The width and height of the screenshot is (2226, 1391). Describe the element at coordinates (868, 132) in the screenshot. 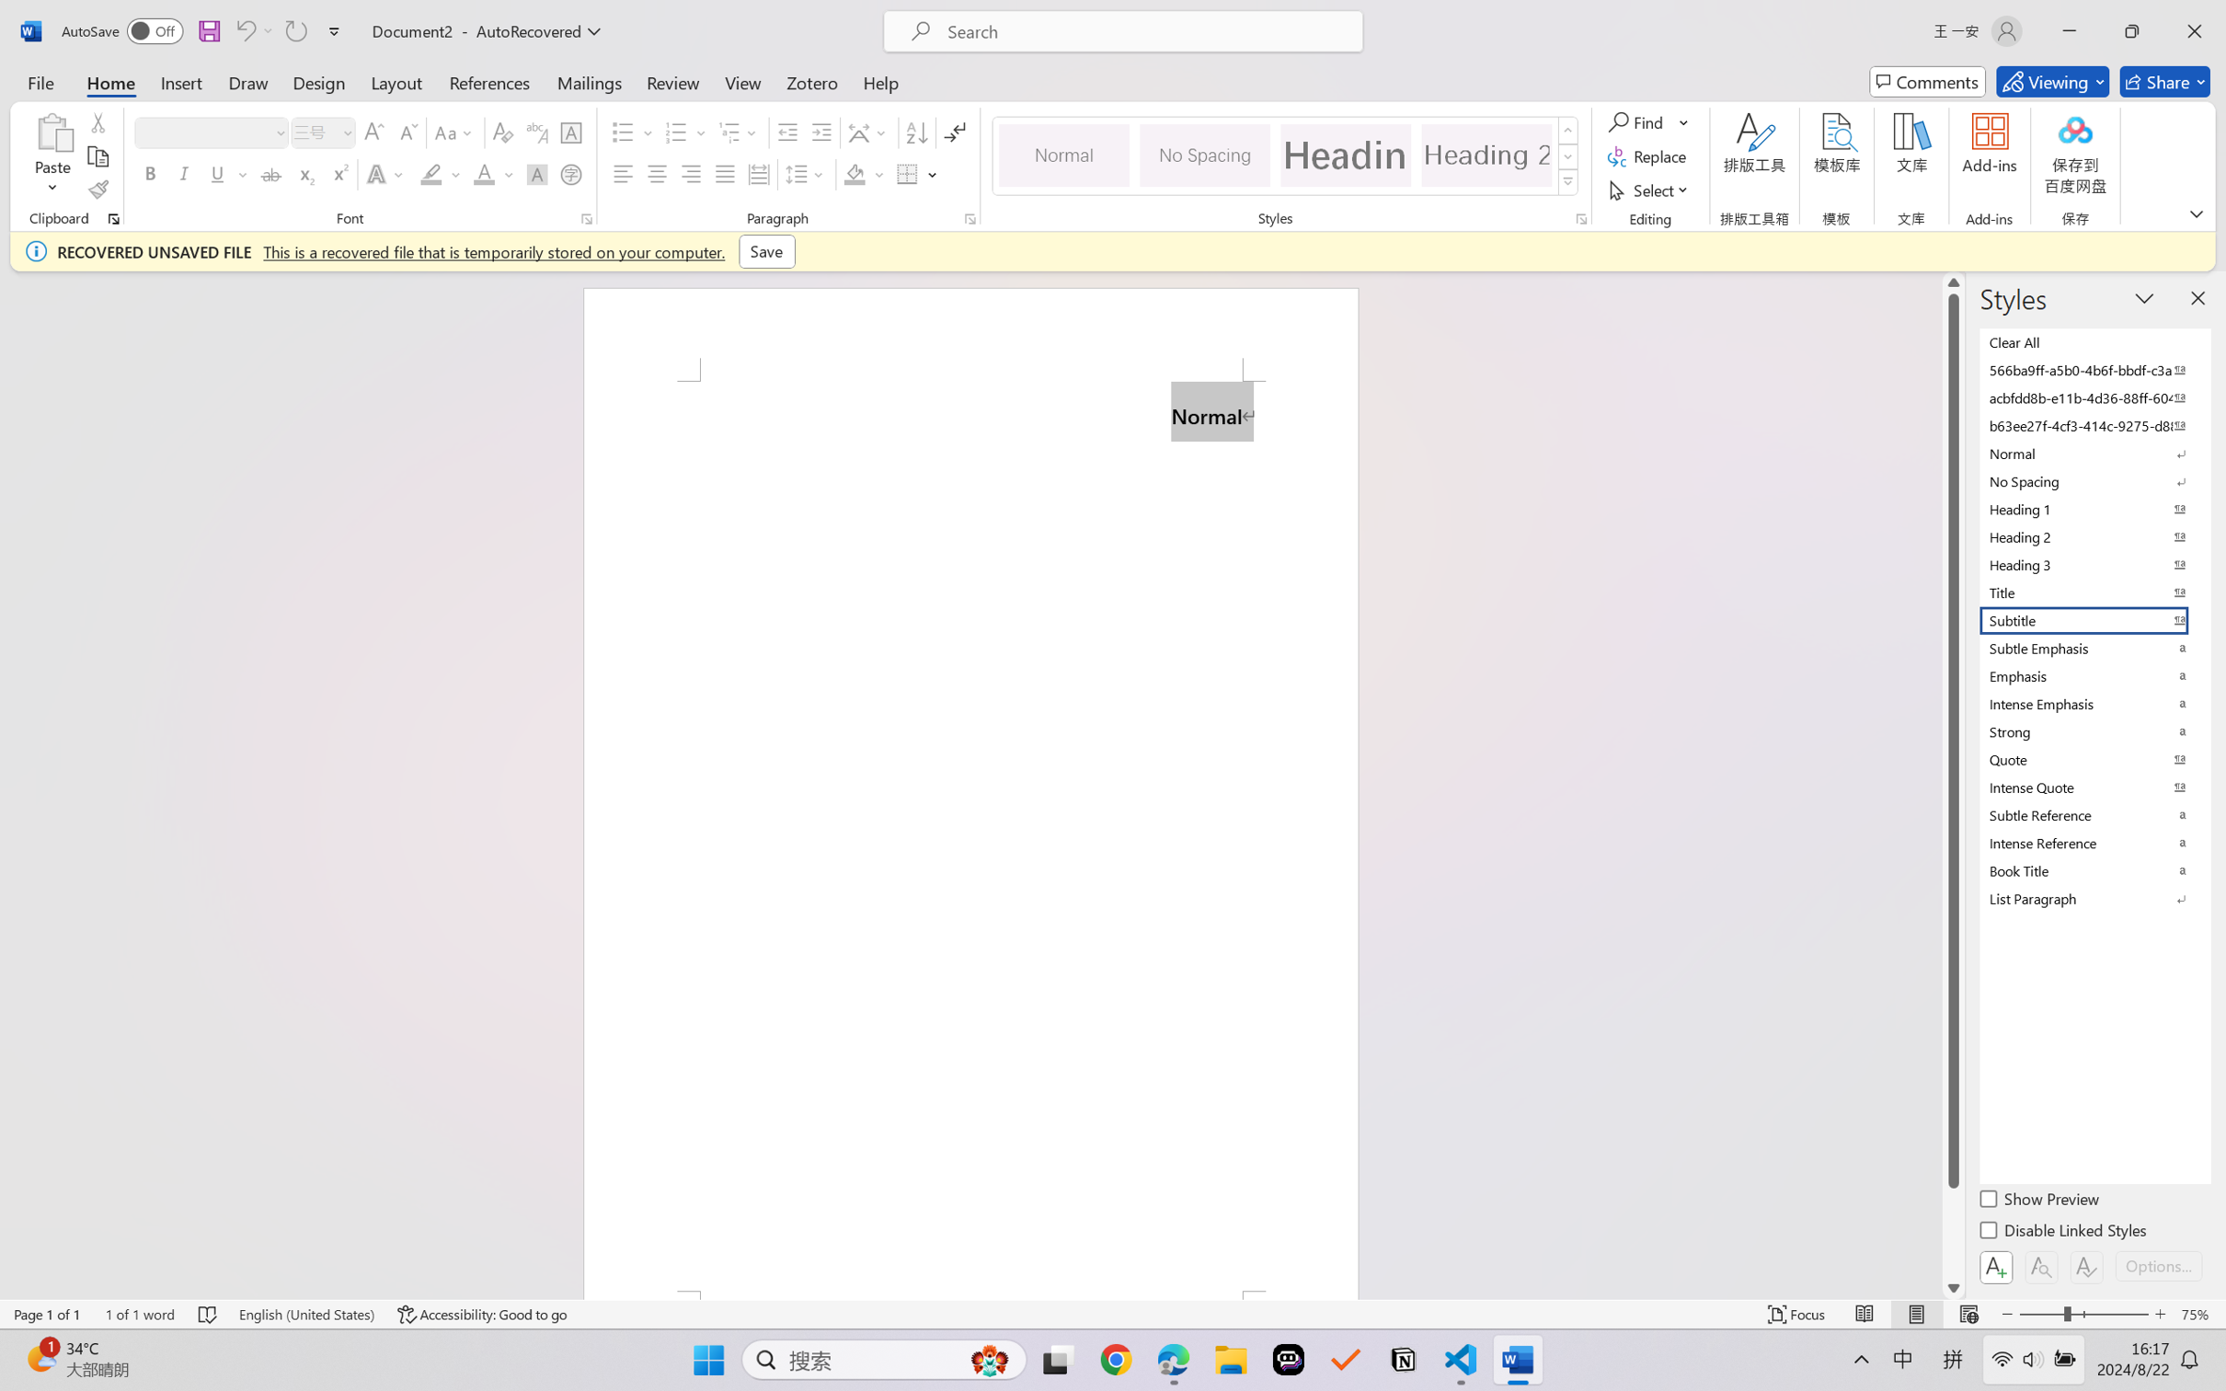

I see `'Asian Layout'` at that location.